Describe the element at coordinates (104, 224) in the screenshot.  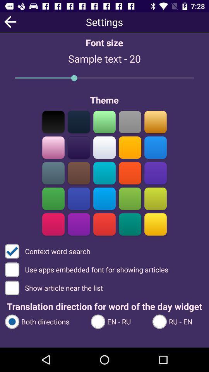
I see `red theme` at that location.